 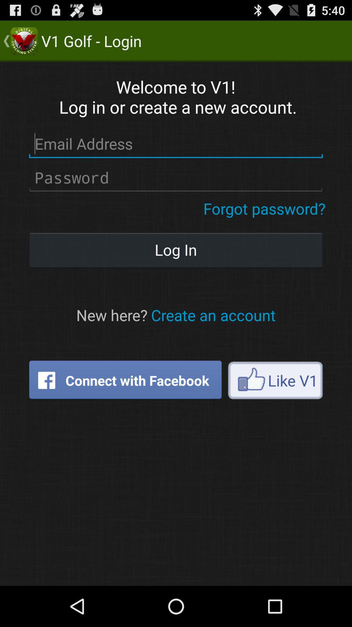 What do you see at coordinates (175, 144) in the screenshot?
I see `type the email address` at bounding box center [175, 144].